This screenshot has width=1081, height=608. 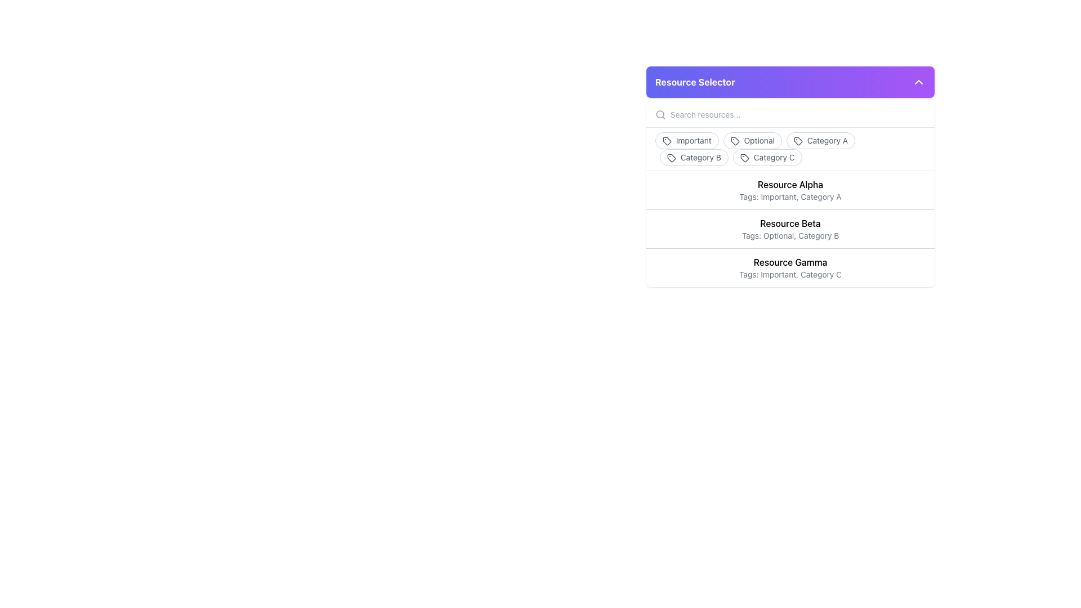 What do you see at coordinates (744, 158) in the screenshot?
I see `the visual icon representing the 'Category C' tag, which is centrally located within the 'Category C' button, positioned under the search bar` at bounding box center [744, 158].